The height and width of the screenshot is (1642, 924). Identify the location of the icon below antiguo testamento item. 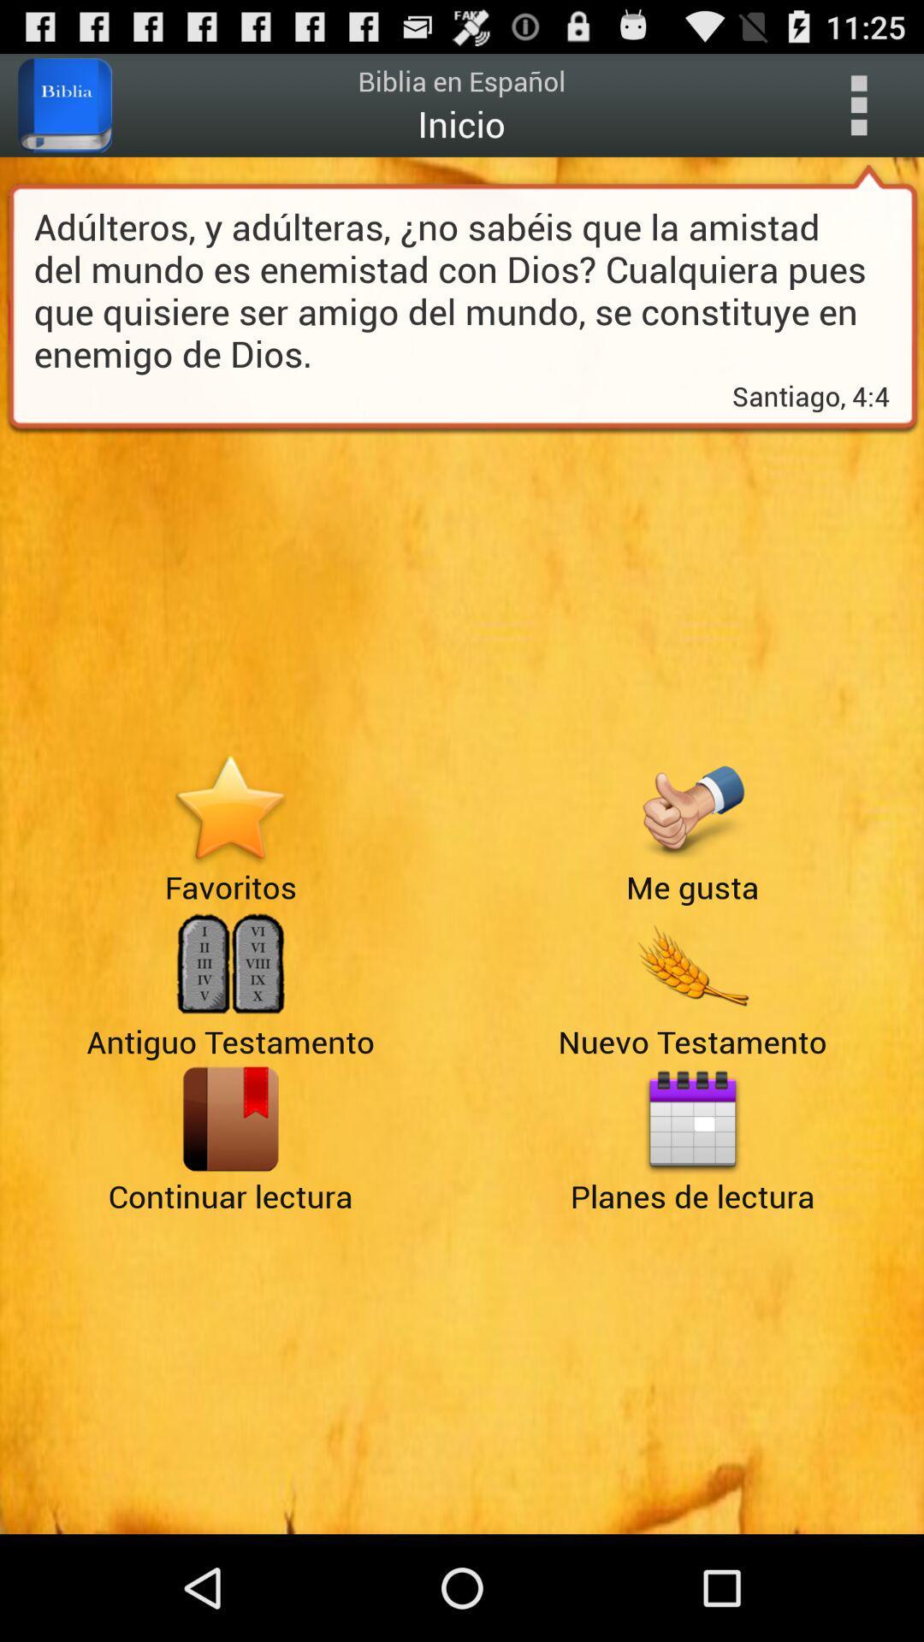
(229, 1119).